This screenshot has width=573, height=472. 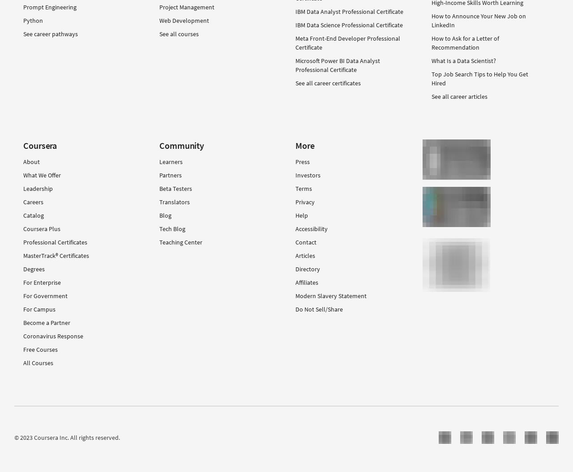 What do you see at coordinates (39, 309) in the screenshot?
I see `'For Campus'` at bounding box center [39, 309].